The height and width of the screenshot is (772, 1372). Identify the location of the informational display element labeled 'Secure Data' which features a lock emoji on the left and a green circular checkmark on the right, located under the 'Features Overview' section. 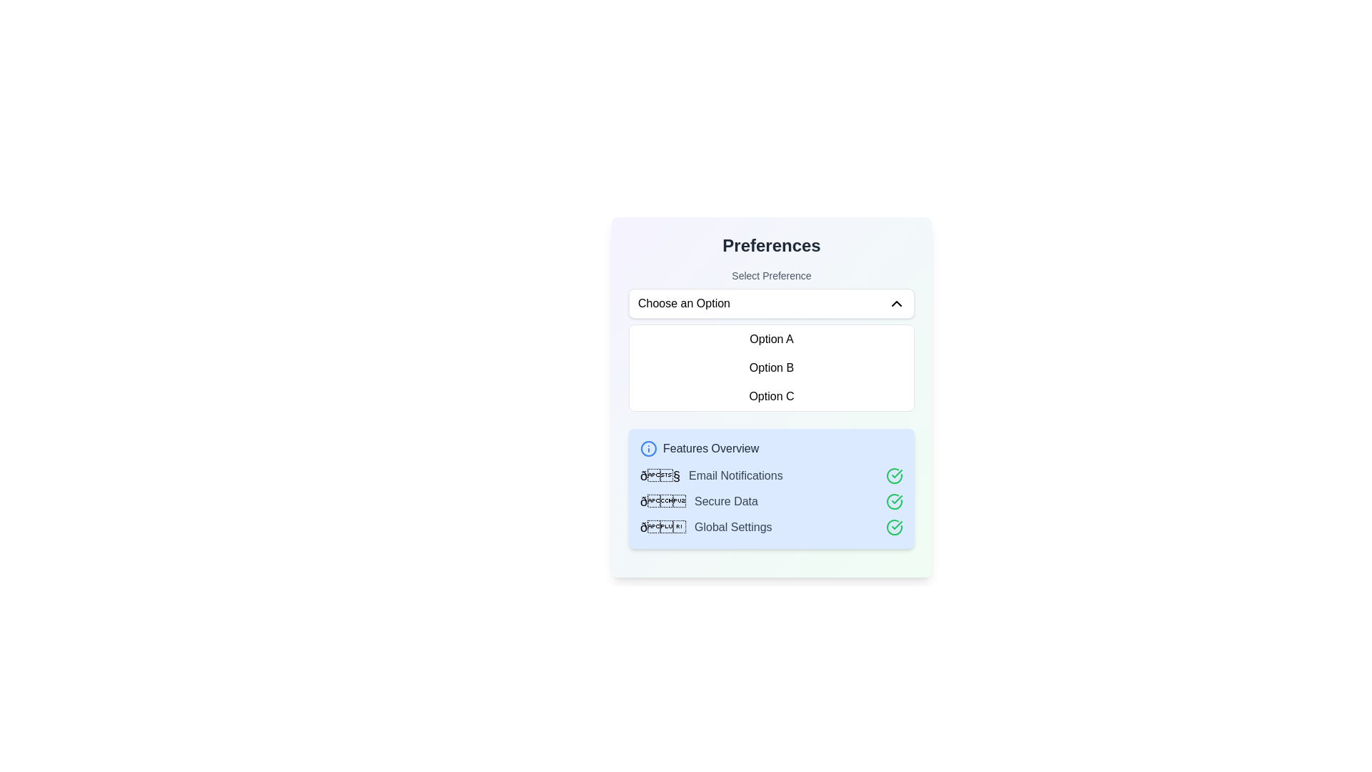
(771, 501).